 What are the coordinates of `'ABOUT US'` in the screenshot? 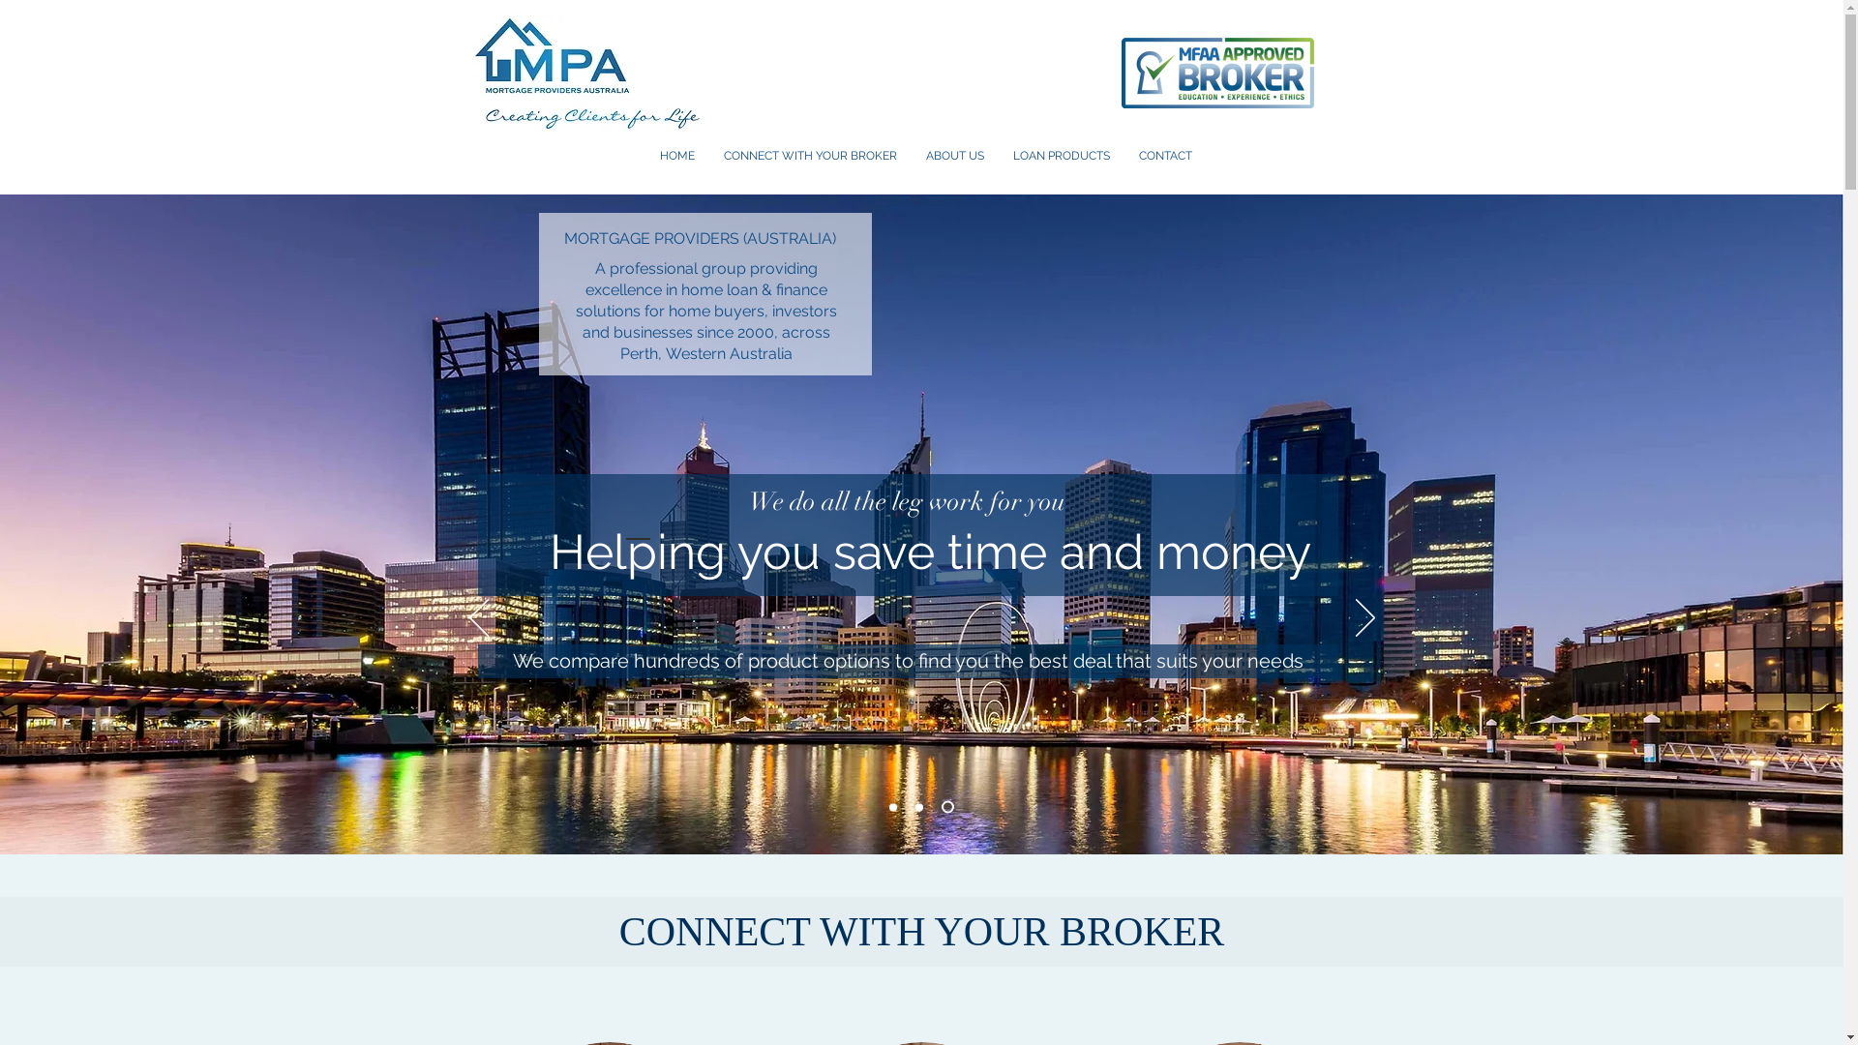 It's located at (955, 155).